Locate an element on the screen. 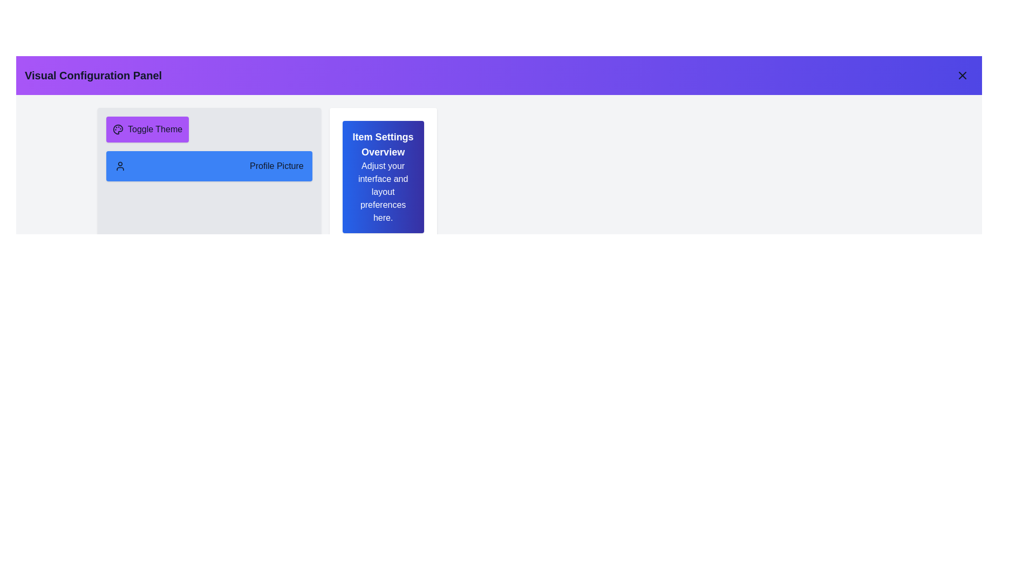 The width and height of the screenshot is (1036, 583). the close button icon represented as an 'X' shape with a purple background located in the top-right corner of the purple header bar is located at coordinates (963, 74).